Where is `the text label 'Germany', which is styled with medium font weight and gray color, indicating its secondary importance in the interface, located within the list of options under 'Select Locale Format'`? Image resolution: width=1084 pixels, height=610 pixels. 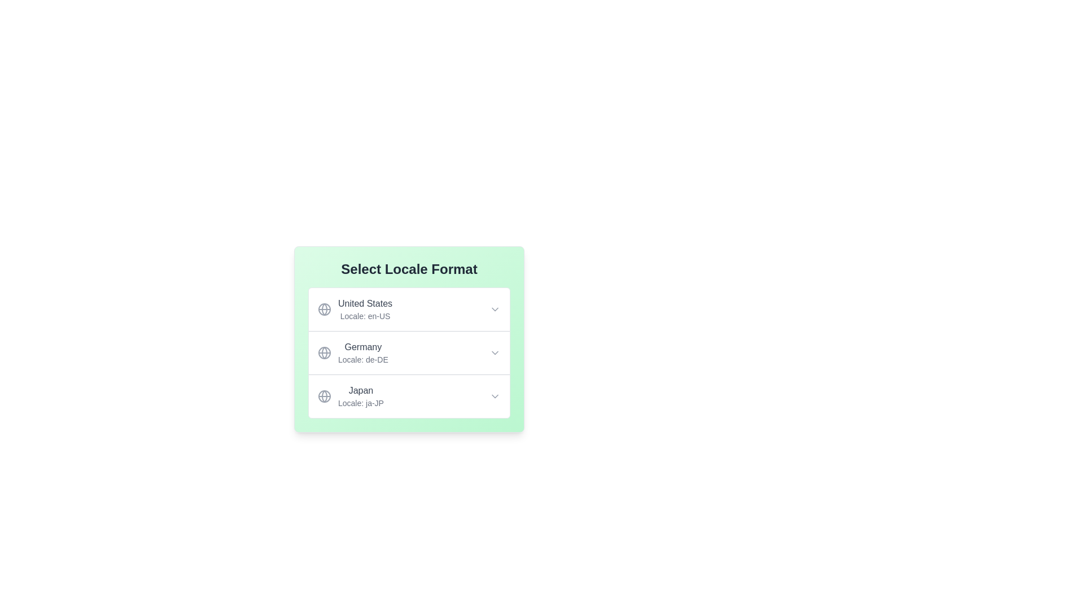 the text label 'Germany', which is styled with medium font weight and gray color, indicating its secondary importance in the interface, located within the list of options under 'Select Locale Format' is located at coordinates (363, 346).